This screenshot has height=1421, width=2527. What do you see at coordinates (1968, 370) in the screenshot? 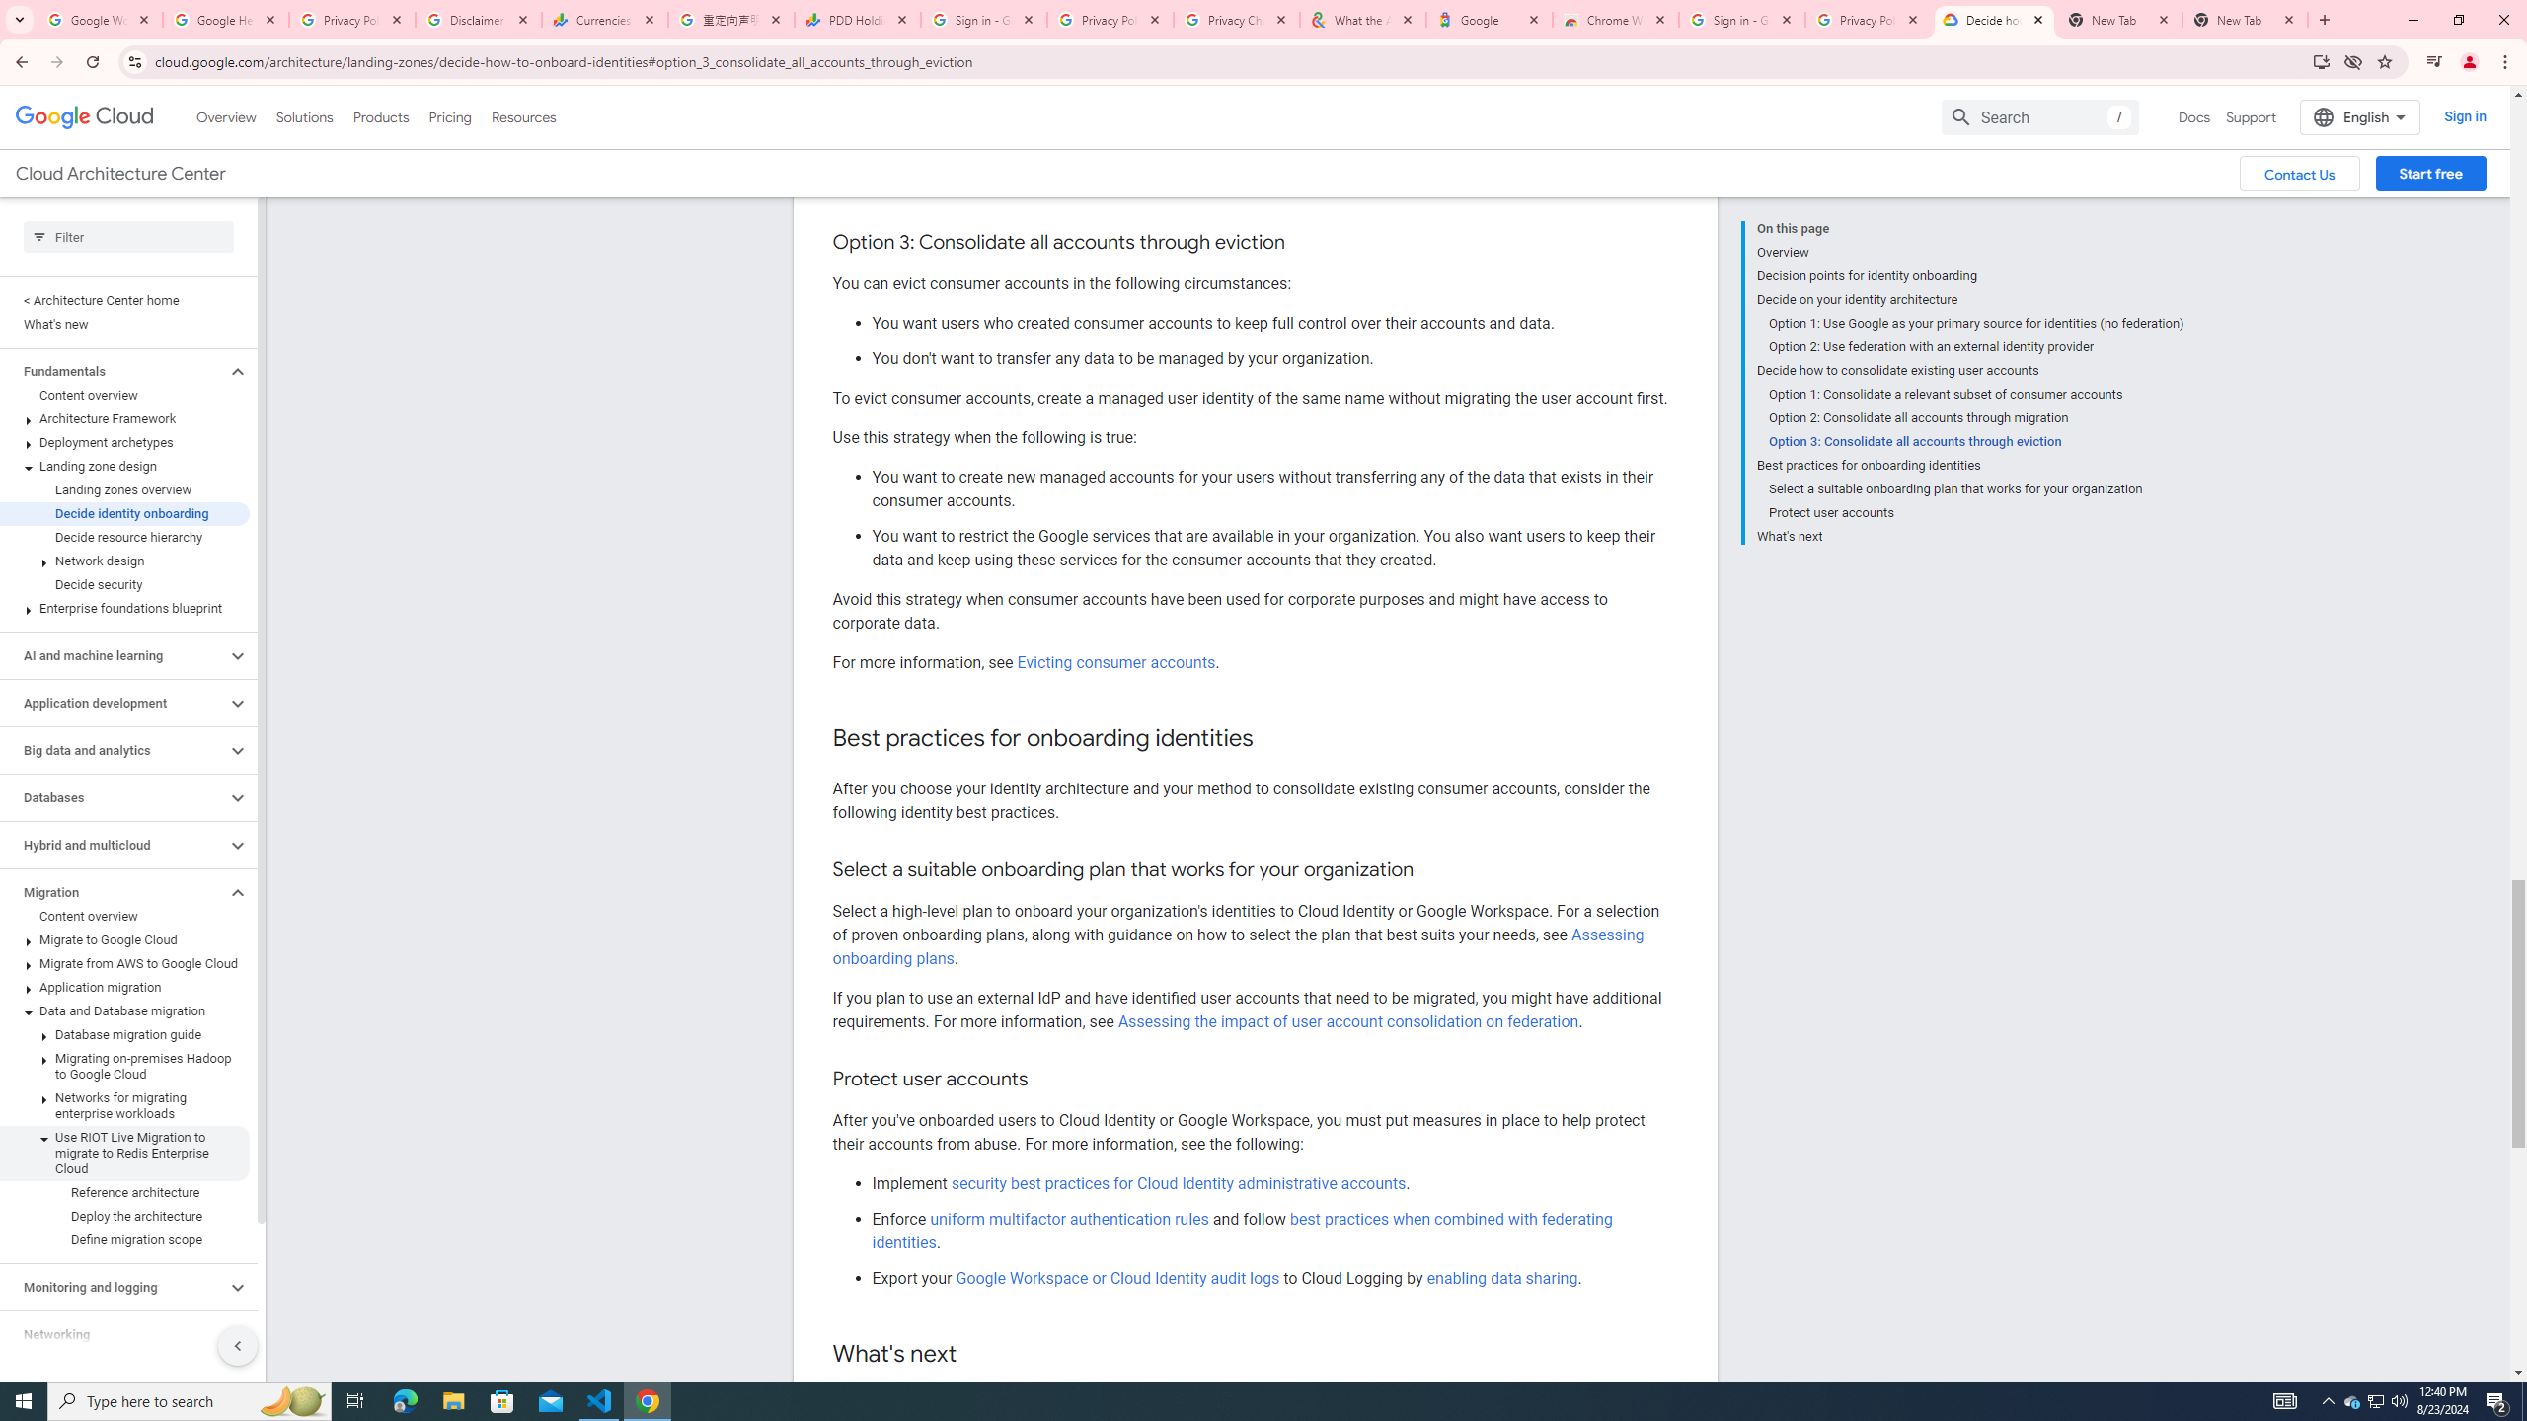
I see `'Decide how to consolidate existing user accounts'` at bounding box center [1968, 370].